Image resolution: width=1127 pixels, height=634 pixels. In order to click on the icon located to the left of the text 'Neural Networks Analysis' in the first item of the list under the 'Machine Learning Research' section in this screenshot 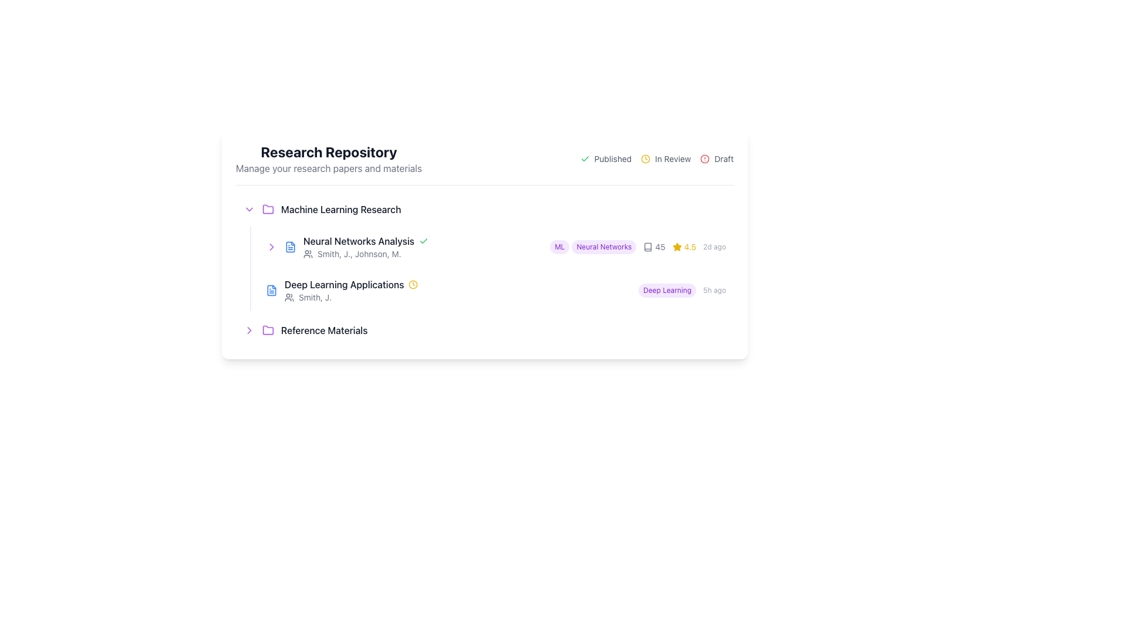, I will do `click(290, 246)`.